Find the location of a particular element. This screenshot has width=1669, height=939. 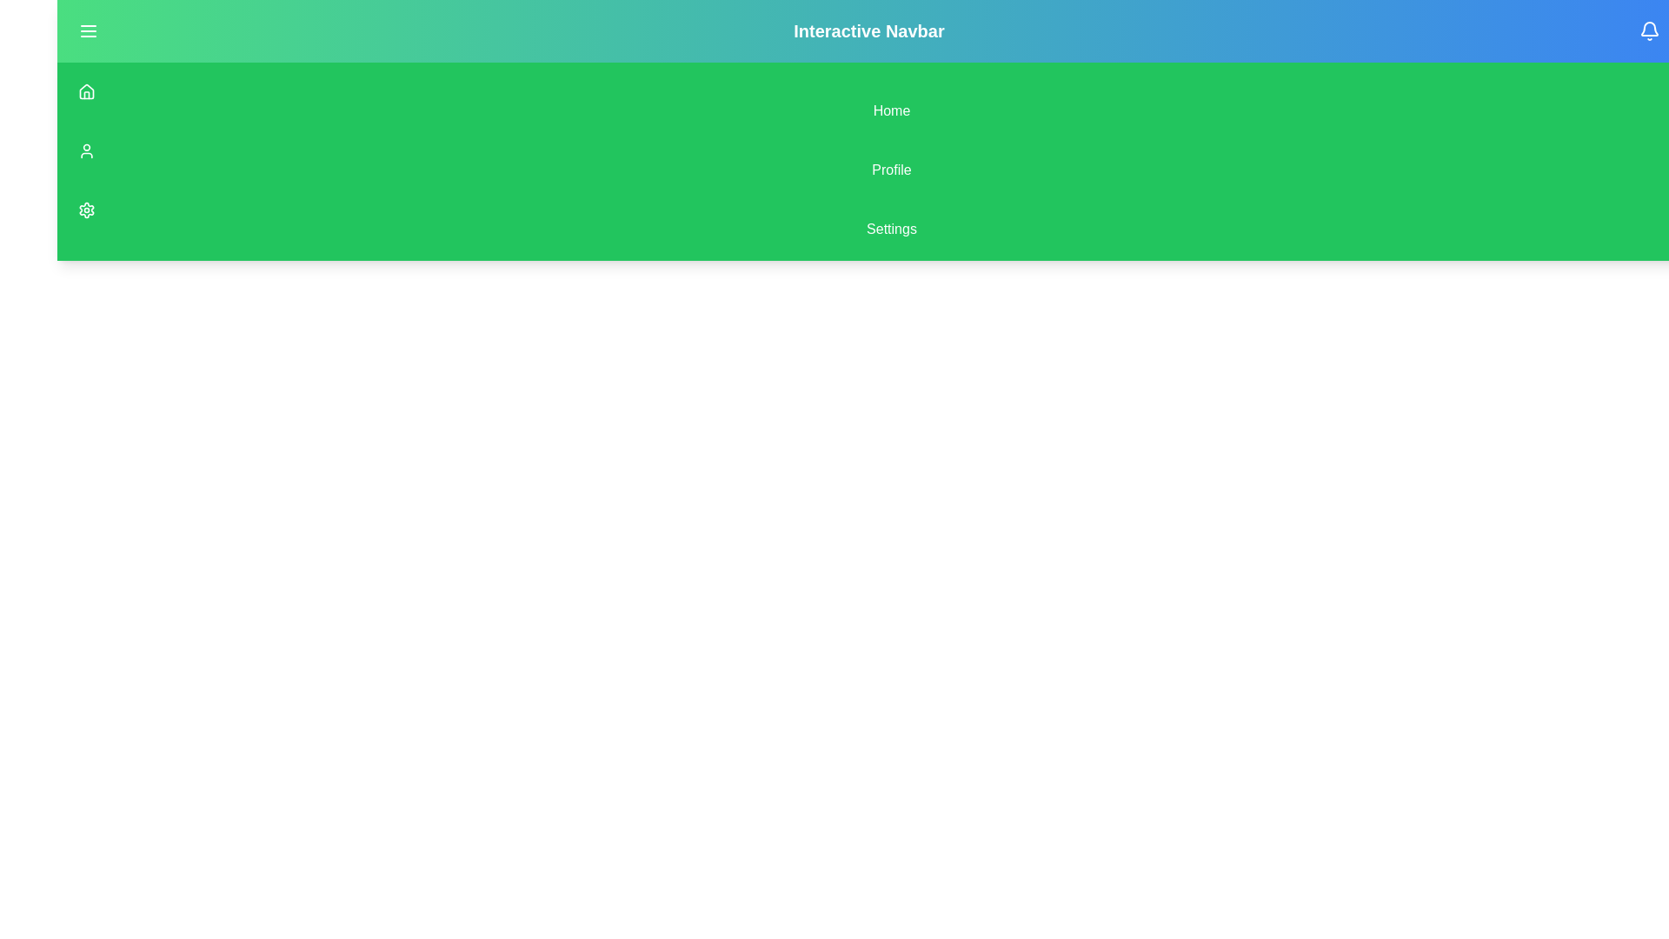

the 'Home' icon located at the top-left corner of the interface, which serves as a button to navigate to the homepage is located at coordinates (86, 90).